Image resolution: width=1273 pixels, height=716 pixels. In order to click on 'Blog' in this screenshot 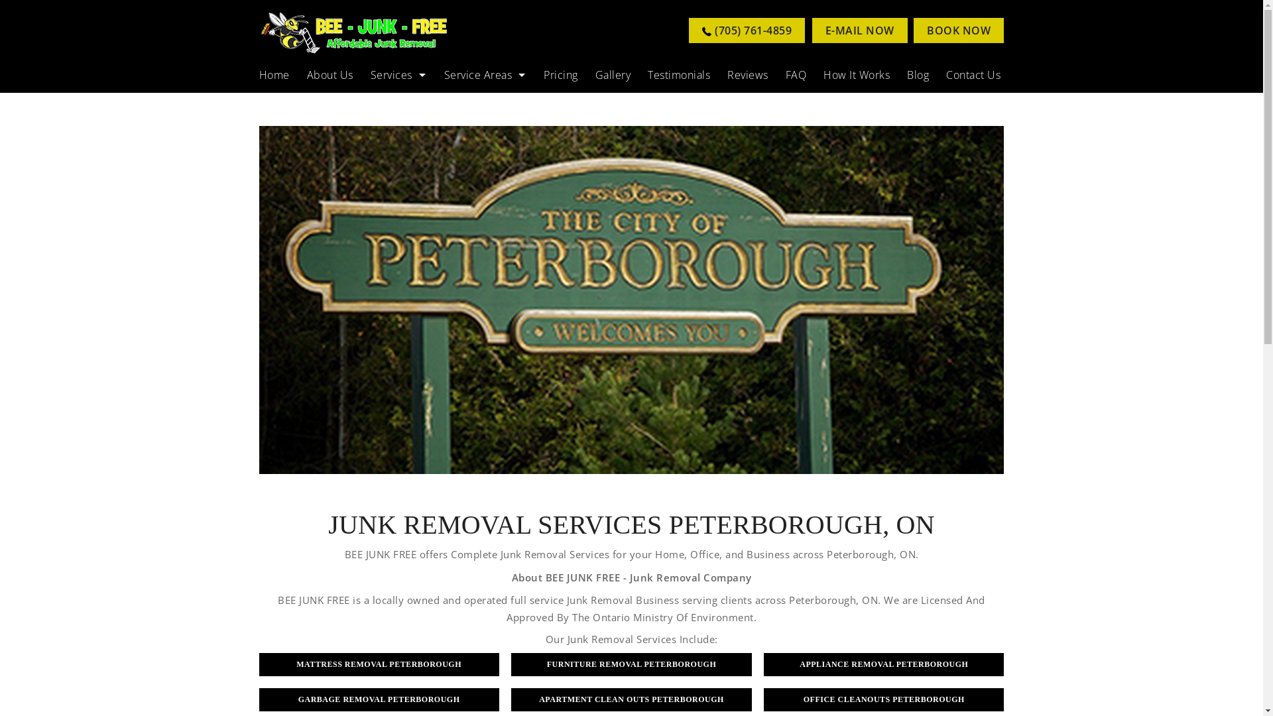, I will do `click(898, 75)`.